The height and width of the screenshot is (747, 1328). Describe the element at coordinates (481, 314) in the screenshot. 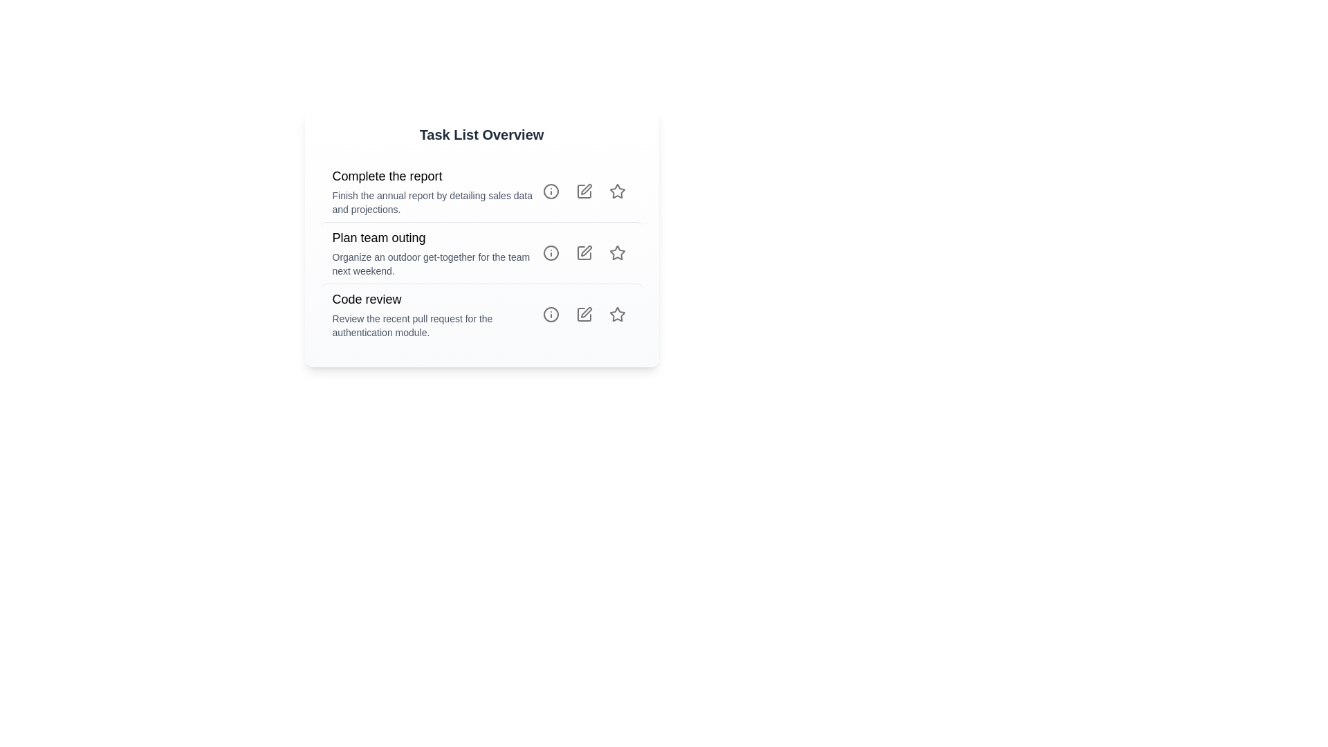

I see `the last task entry in the task list` at that location.